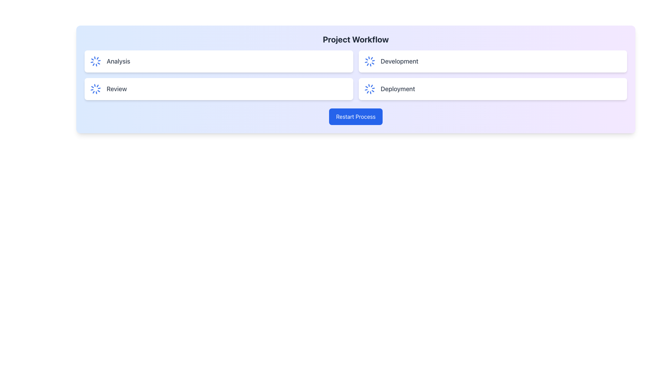 The height and width of the screenshot is (373, 663). Describe the element at coordinates (218, 89) in the screenshot. I see `the 'Review' card-like UI element representing a task in the Project Workflow` at that location.